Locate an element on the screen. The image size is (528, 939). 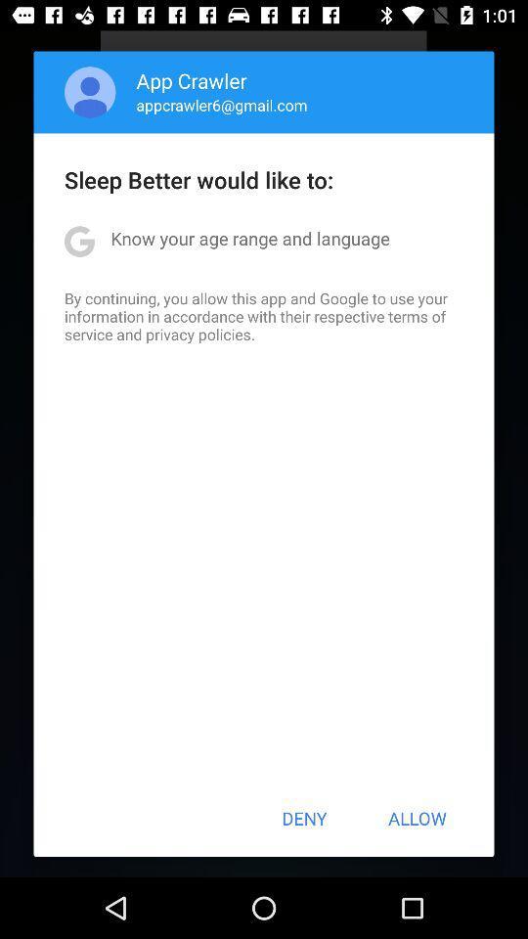
know your age icon is located at coordinates (250, 237).